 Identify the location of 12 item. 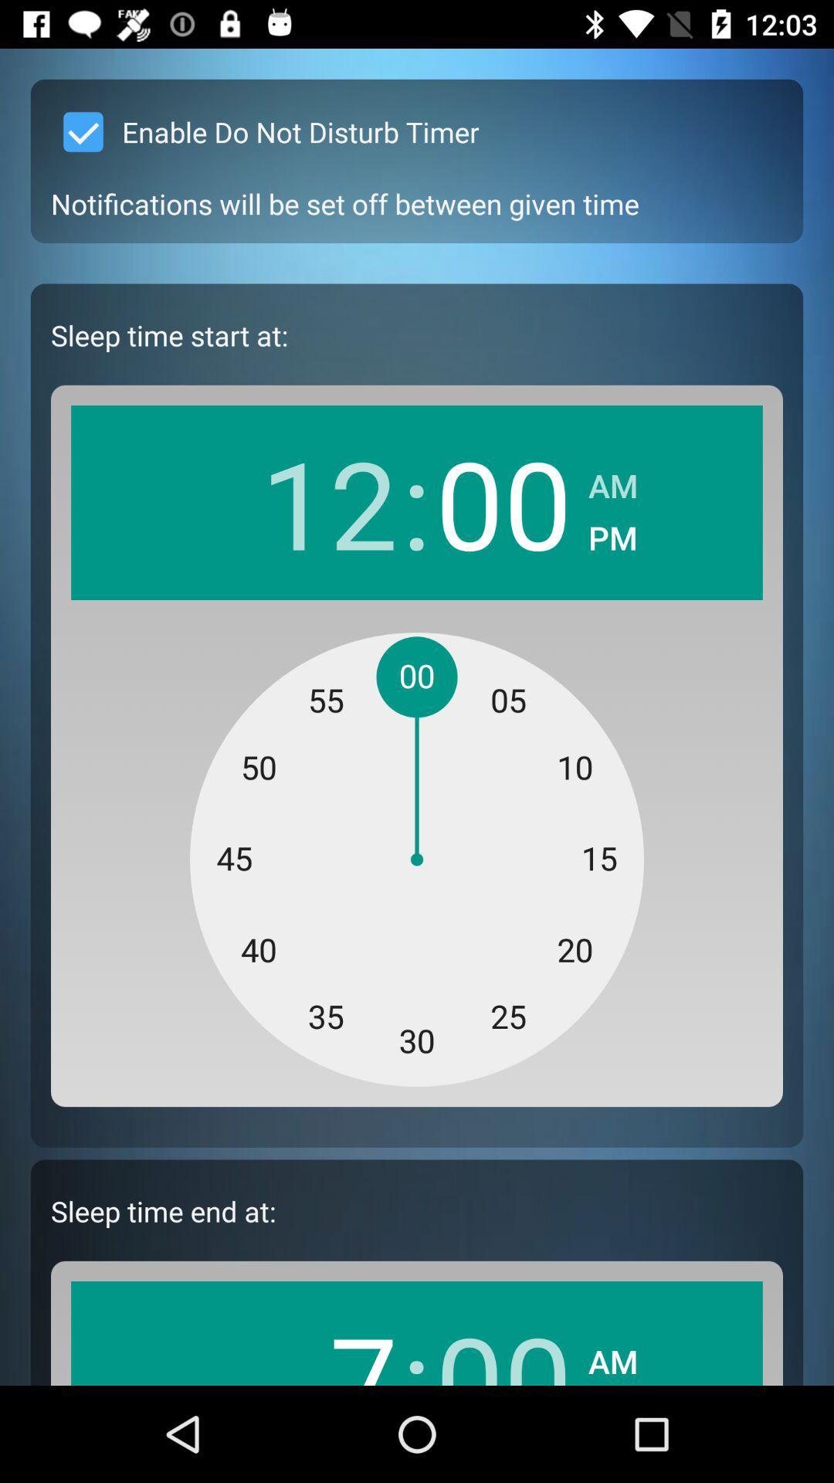
(328, 502).